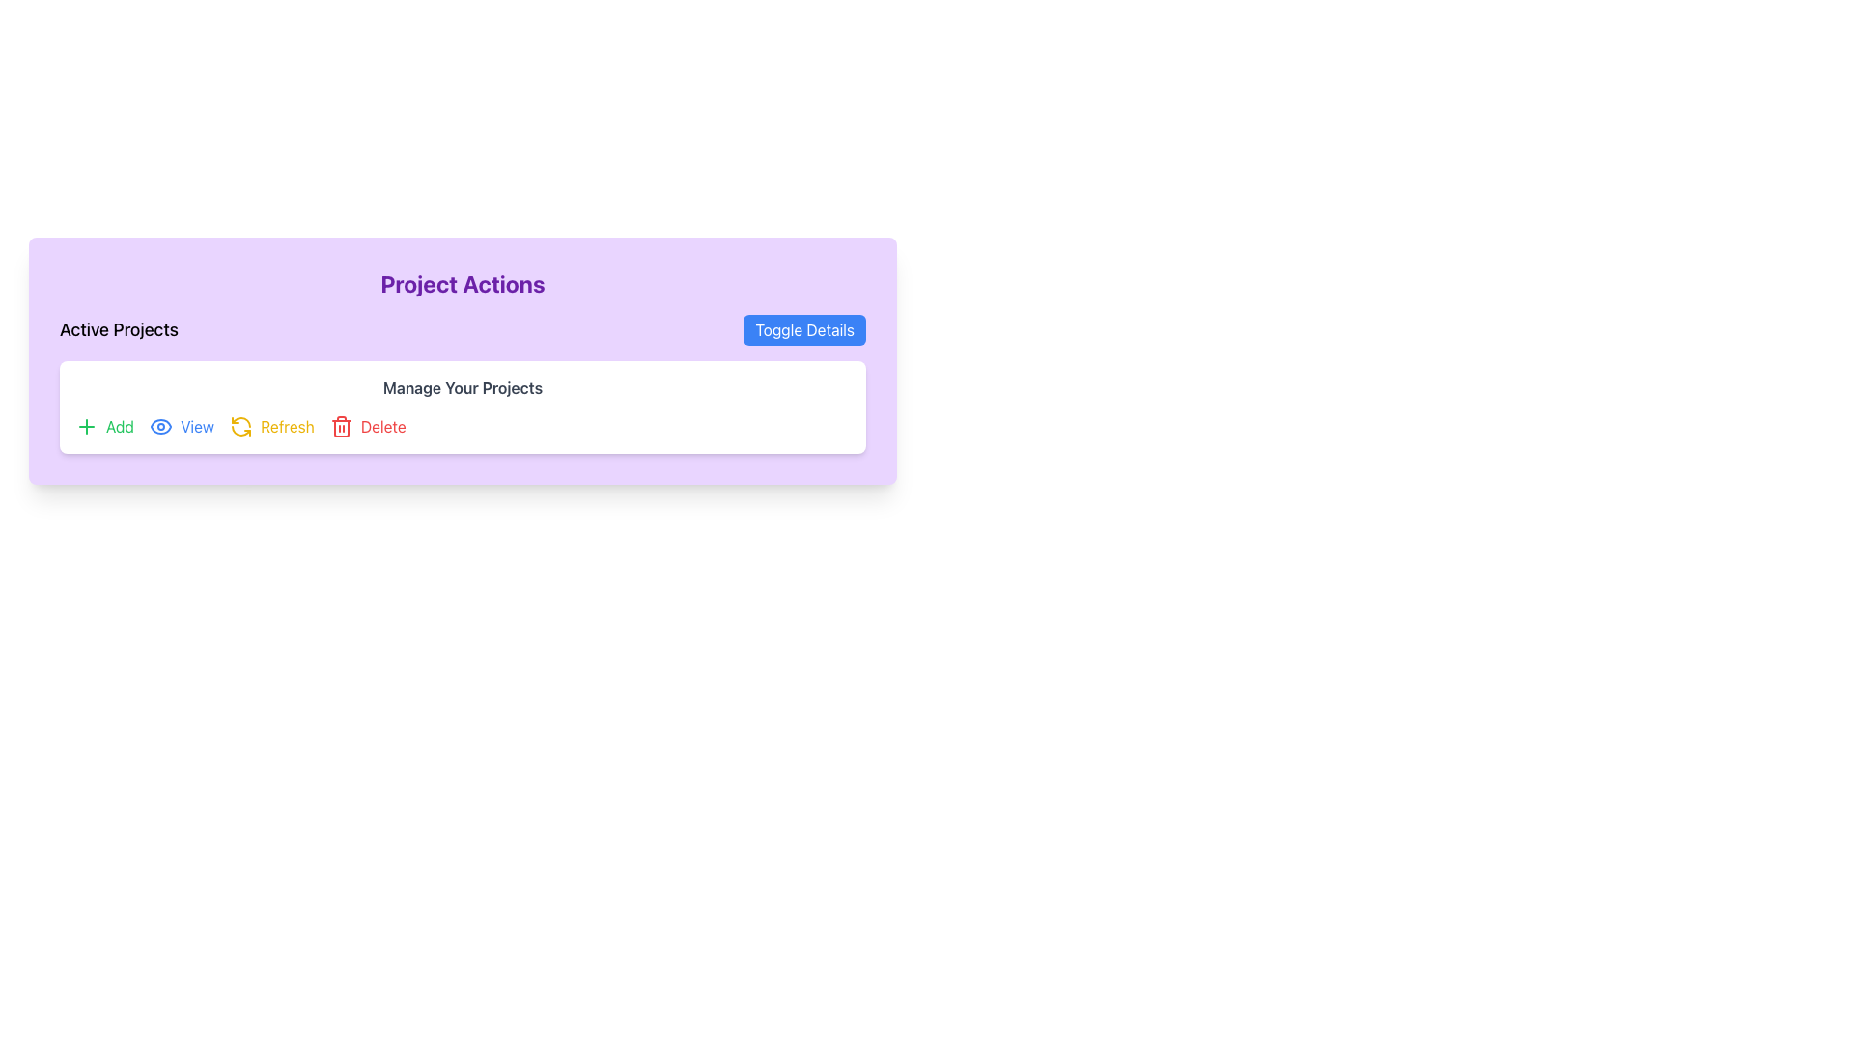  What do you see at coordinates (341, 426) in the screenshot?
I see `the 'Delete' icon located within the 'Delete' button in the Manage Your Projects section, which visually indicates the delete action` at bounding box center [341, 426].